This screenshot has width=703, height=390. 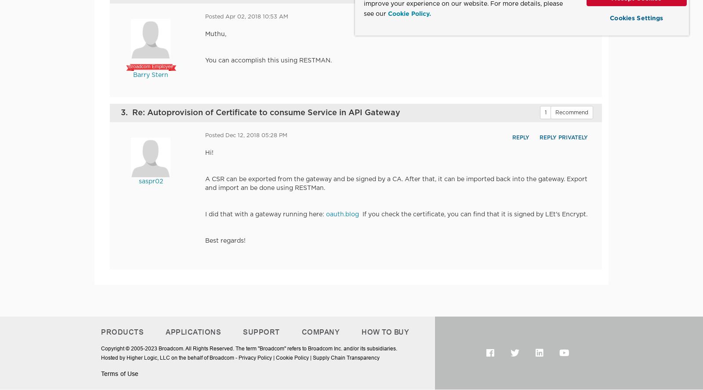 What do you see at coordinates (127, 112) in the screenshot?
I see `'3.'` at bounding box center [127, 112].